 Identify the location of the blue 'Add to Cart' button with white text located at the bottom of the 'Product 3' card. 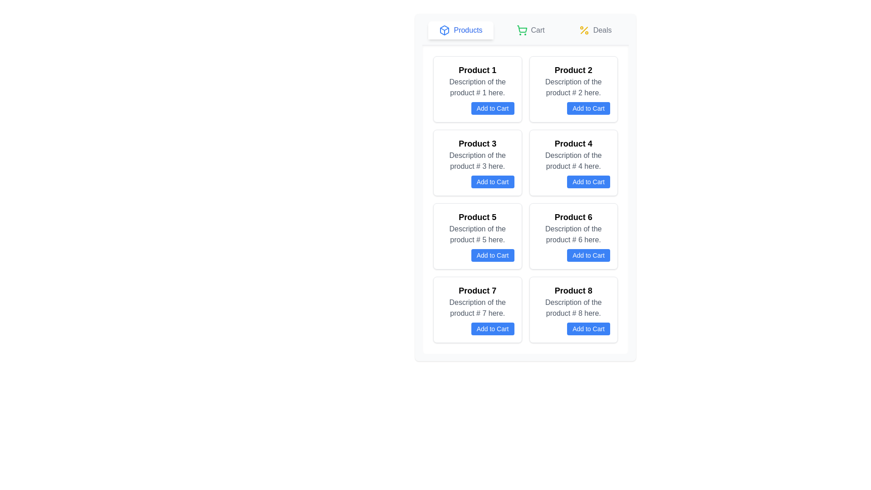
(492, 182).